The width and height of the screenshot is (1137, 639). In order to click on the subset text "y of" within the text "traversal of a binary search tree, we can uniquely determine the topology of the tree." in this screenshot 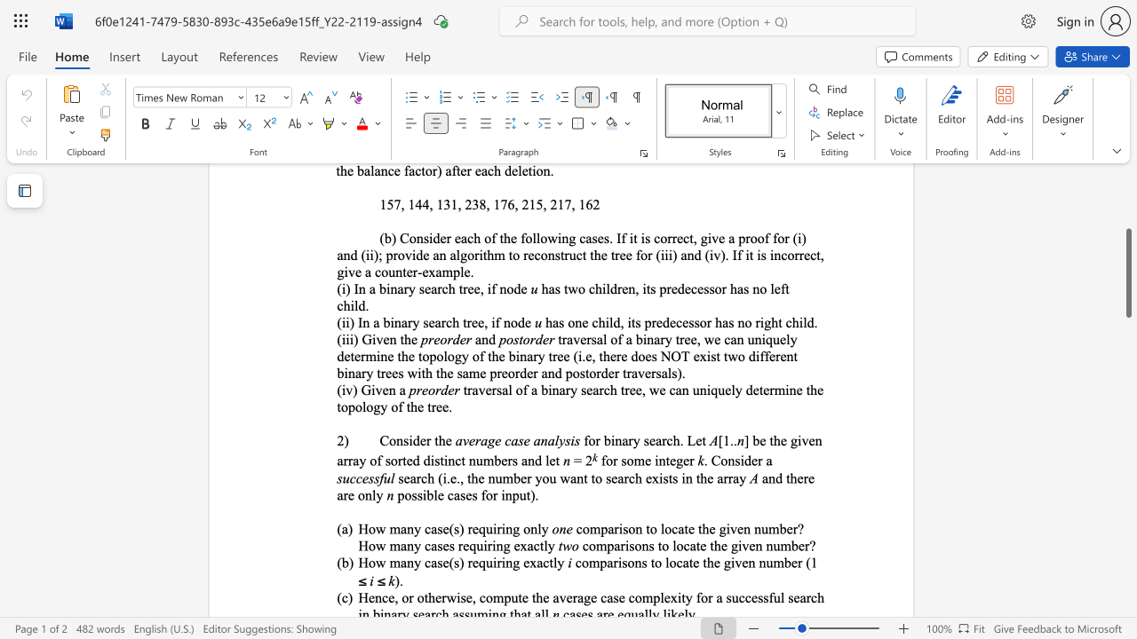, I will do `click(379, 406)`.